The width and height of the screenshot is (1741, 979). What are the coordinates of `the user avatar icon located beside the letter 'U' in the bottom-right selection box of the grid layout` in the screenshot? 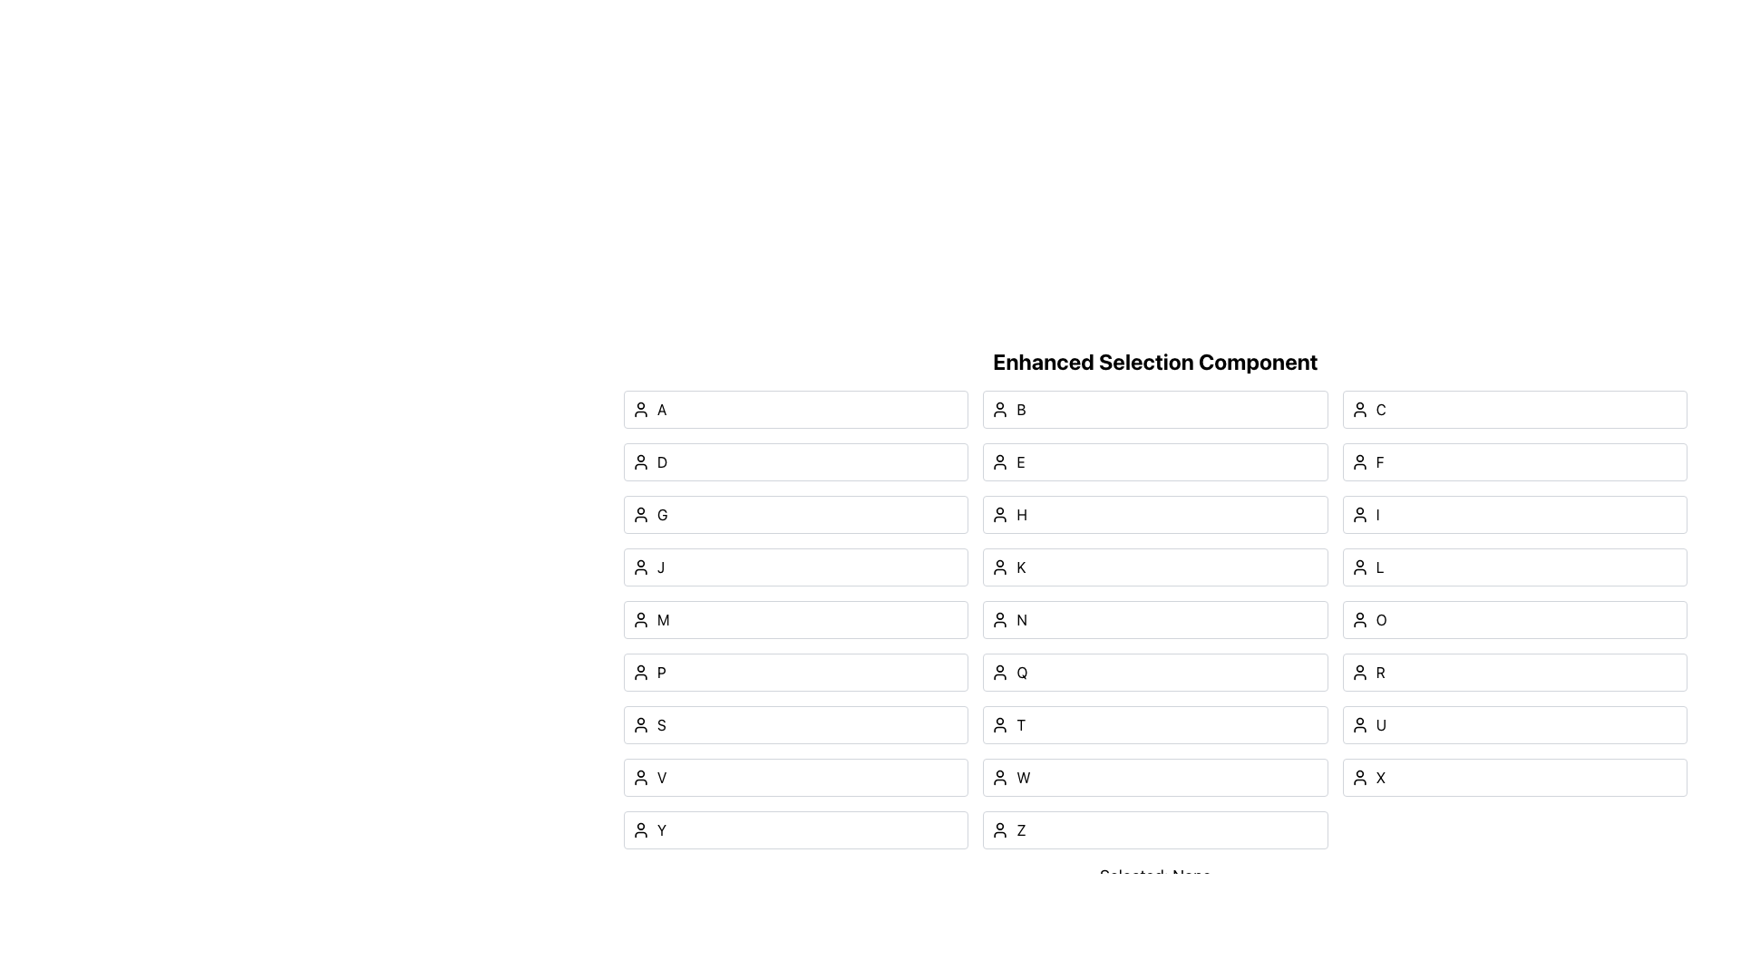 It's located at (1359, 723).